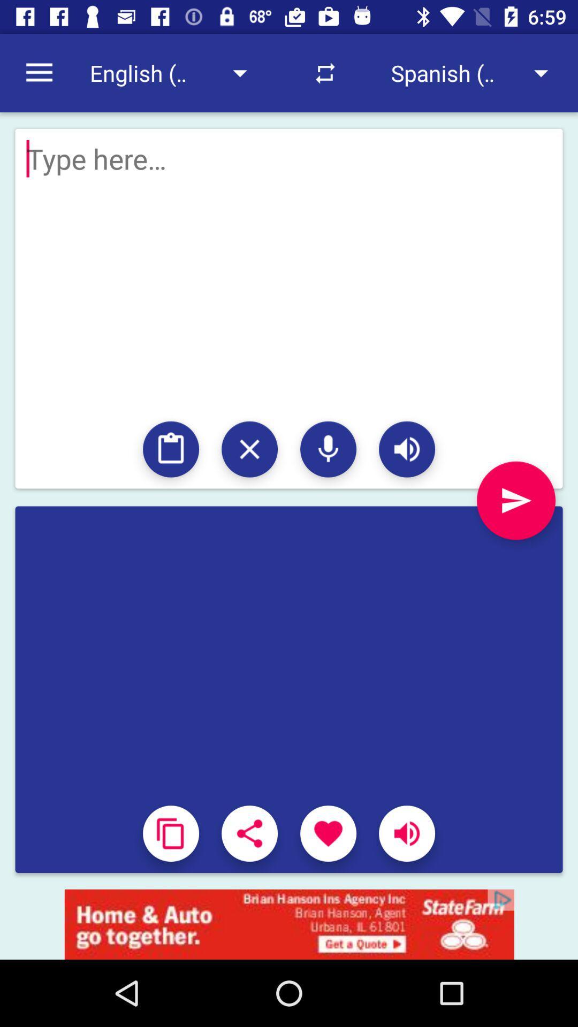 This screenshot has height=1027, width=578. I want to click on shows exit option, so click(249, 449).